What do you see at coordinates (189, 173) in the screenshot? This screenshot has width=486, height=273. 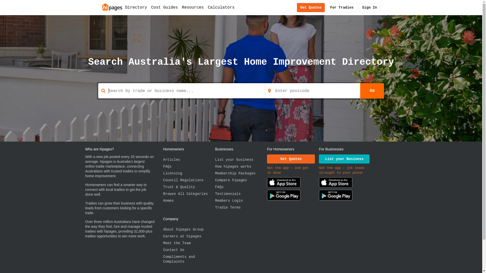 I see `'Licensing'` at bounding box center [189, 173].